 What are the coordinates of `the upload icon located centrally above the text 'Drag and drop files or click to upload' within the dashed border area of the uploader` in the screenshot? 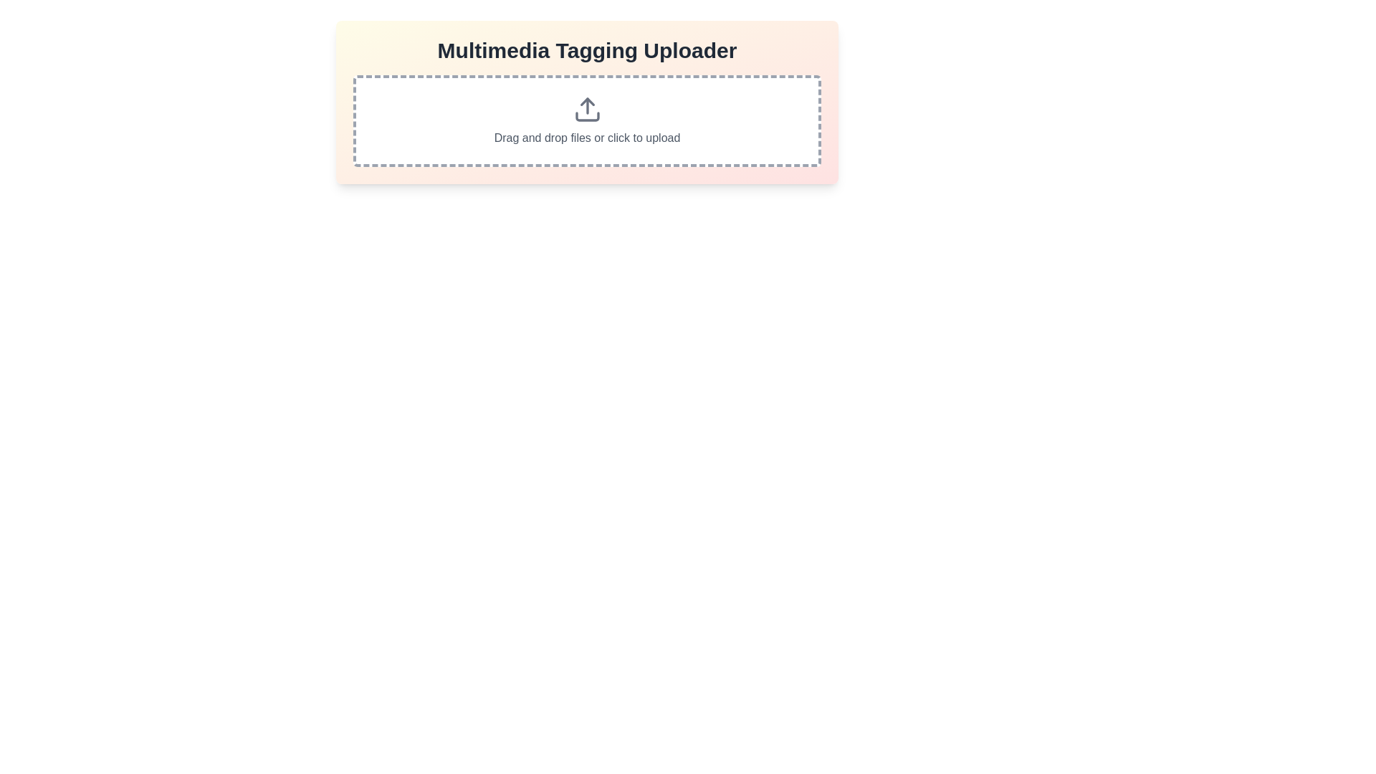 It's located at (587, 109).